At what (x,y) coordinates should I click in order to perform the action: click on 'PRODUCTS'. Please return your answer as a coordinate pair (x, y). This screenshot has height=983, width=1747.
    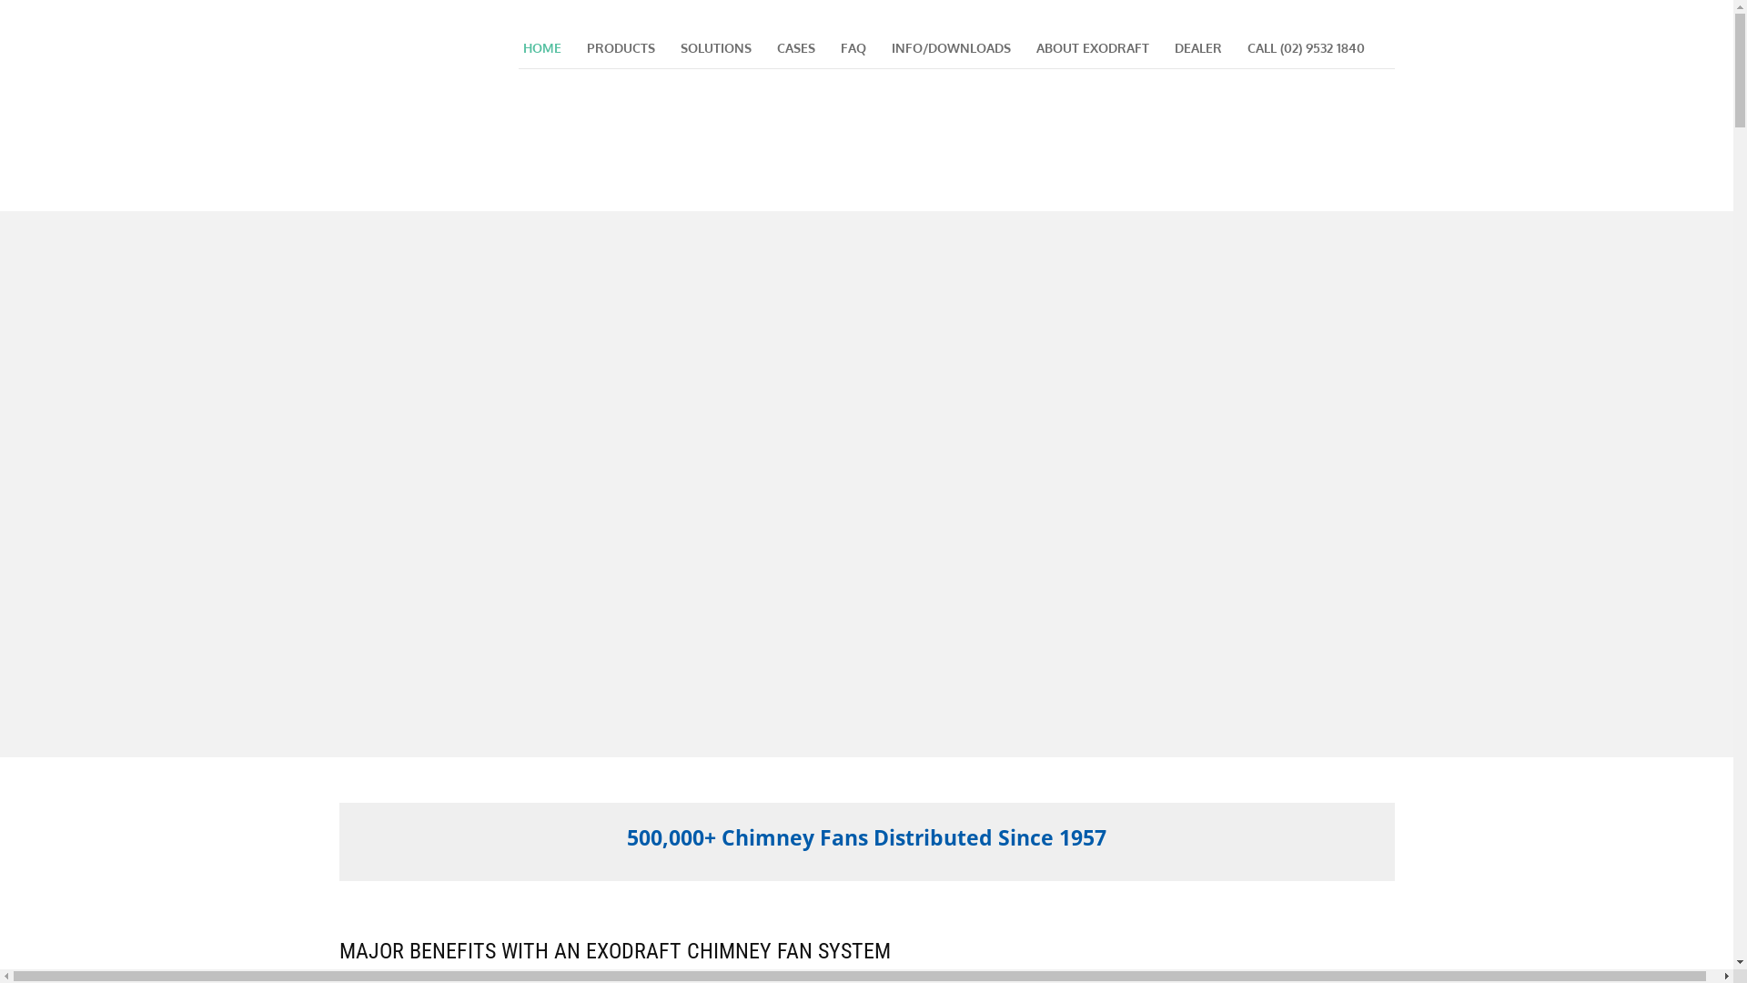
    Looking at the image, I should click on (621, 47).